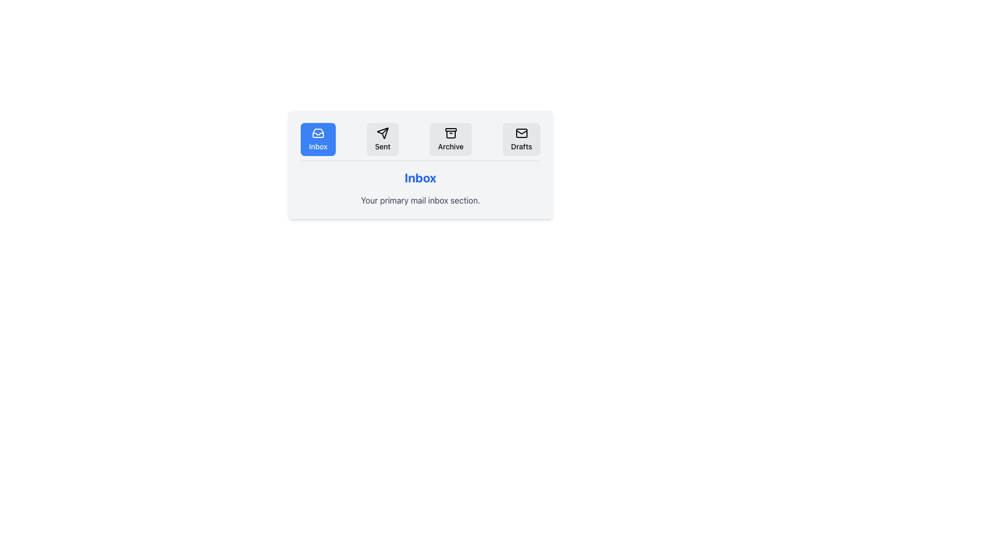 The image size is (992, 558). What do you see at coordinates (382, 147) in the screenshot?
I see `'Sent' label displayed in medium font size below the send icon, which is part of the second button from the left in a group of four buttons at the top of the interface` at bounding box center [382, 147].